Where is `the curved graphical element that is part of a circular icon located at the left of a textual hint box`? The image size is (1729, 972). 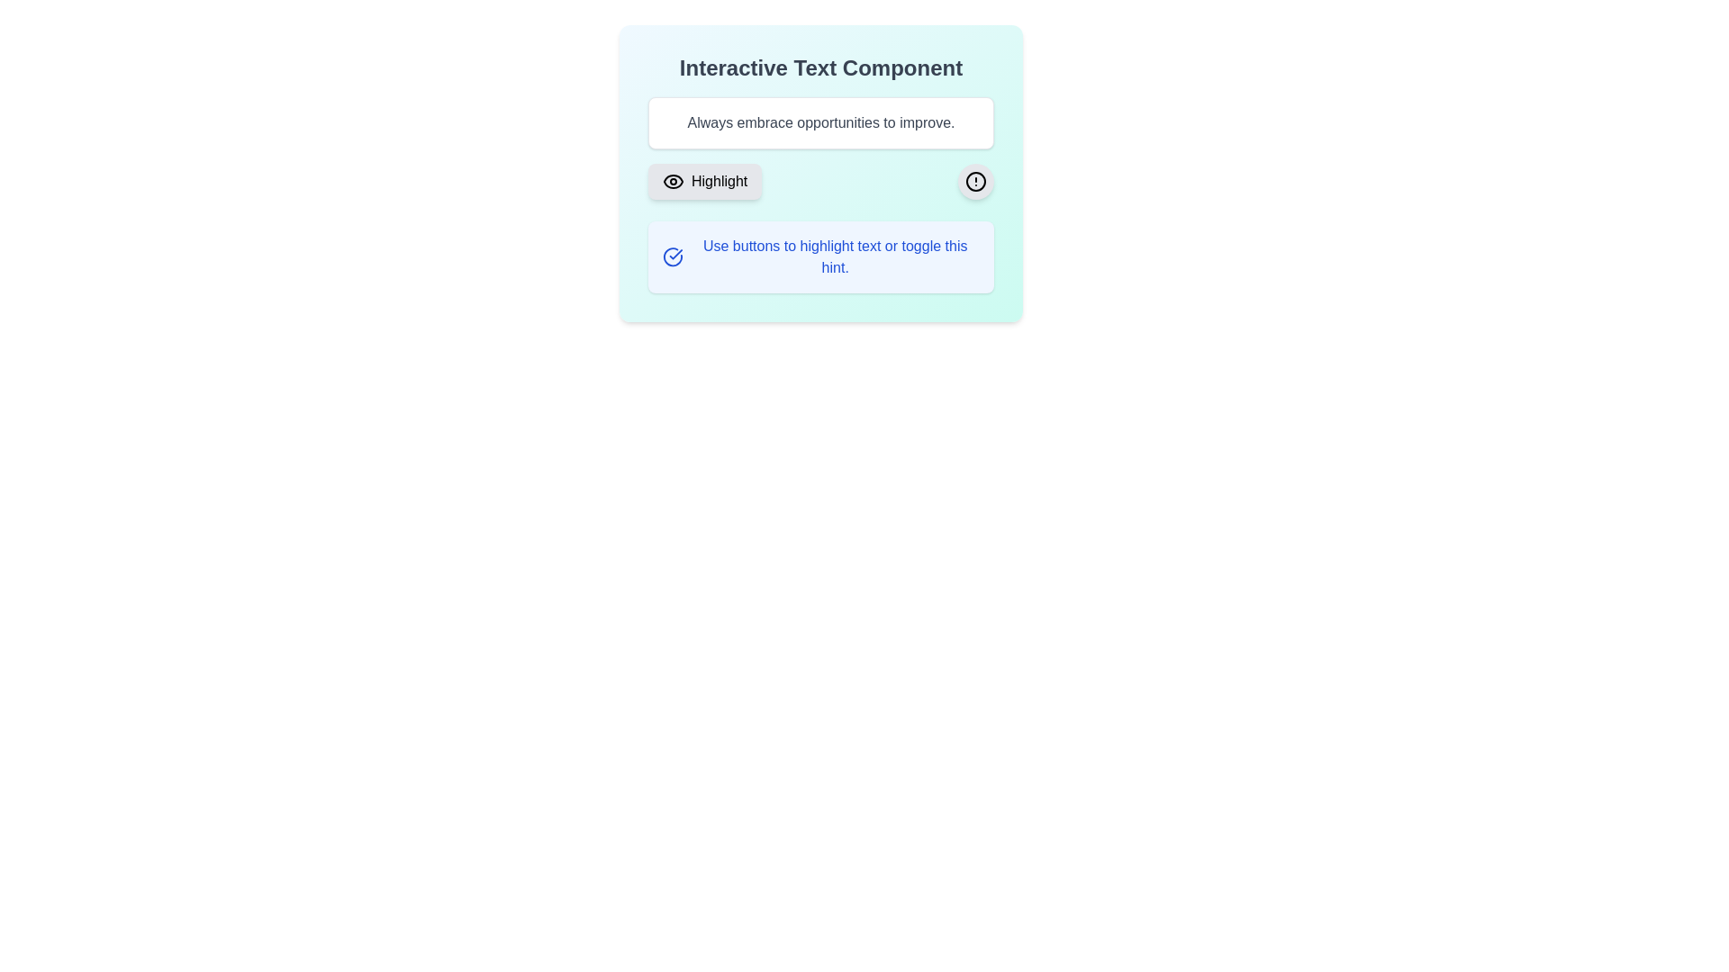
the curved graphical element that is part of a circular icon located at the left of a textual hint box is located at coordinates (672, 256).